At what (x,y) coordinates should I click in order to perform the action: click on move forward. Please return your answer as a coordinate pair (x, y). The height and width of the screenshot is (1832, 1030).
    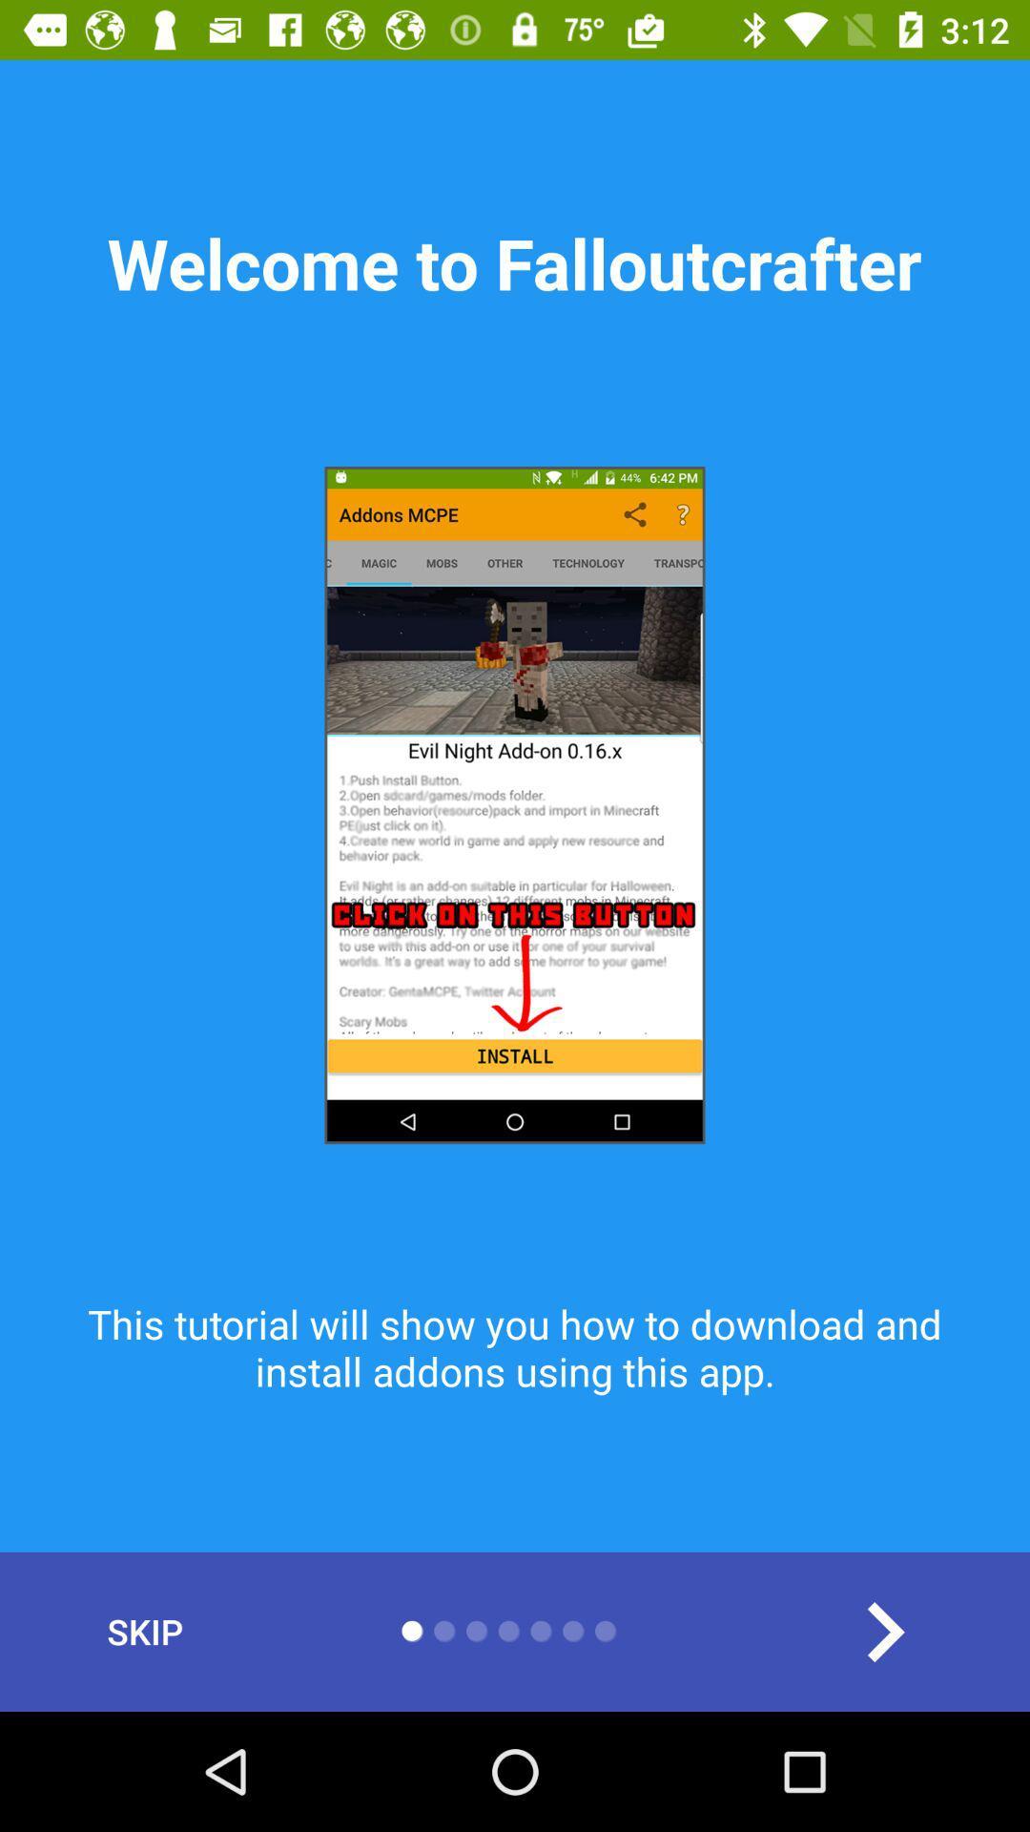
    Looking at the image, I should click on (884, 1631).